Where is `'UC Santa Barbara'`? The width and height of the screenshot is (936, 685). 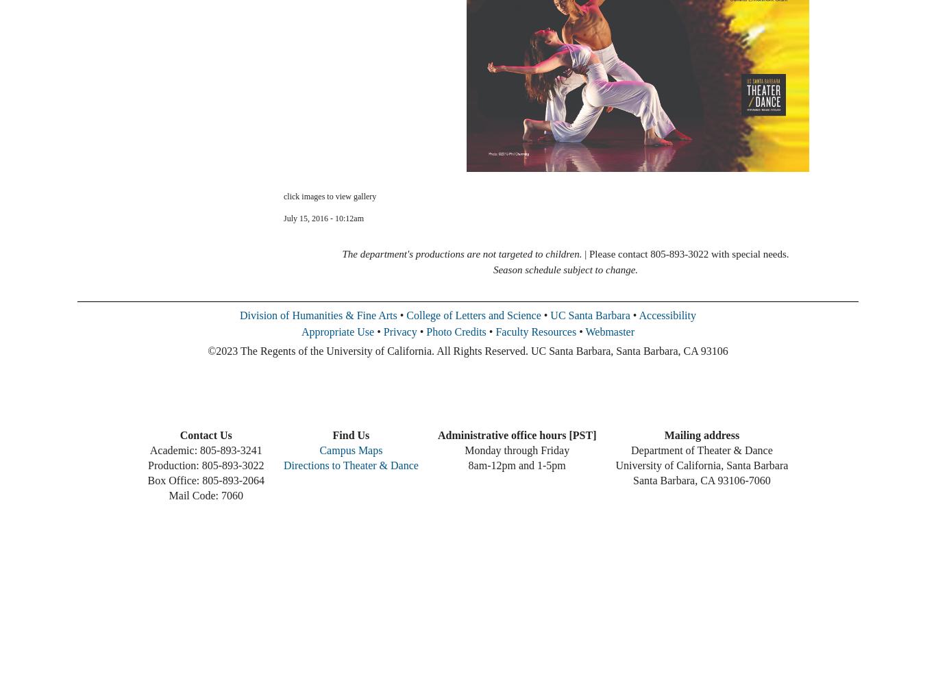 'UC Santa Barbara' is located at coordinates (589, 314).